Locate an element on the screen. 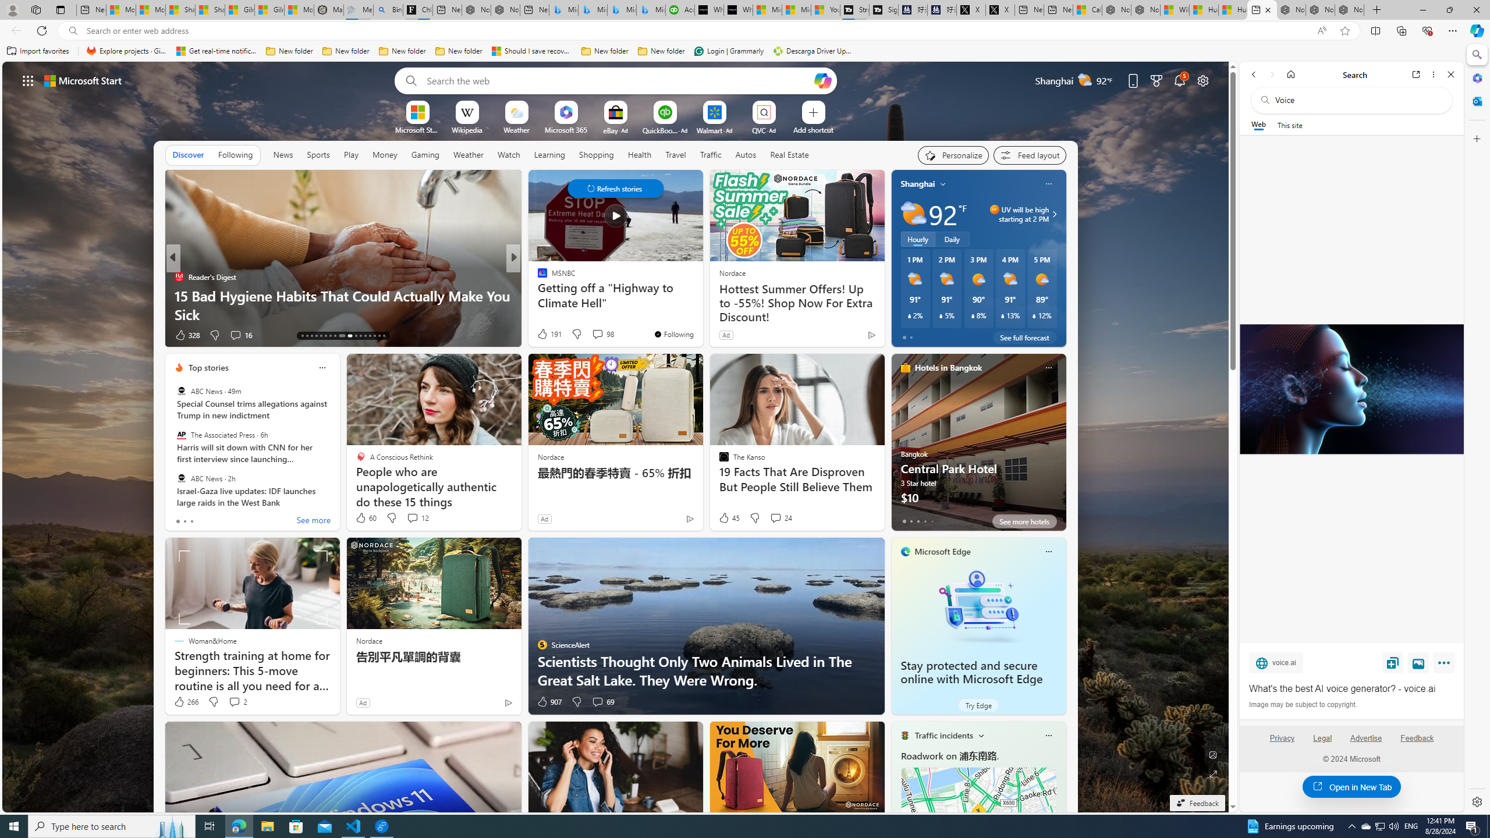  'View comments 2 Comment' is located at coordinates (237, 702).